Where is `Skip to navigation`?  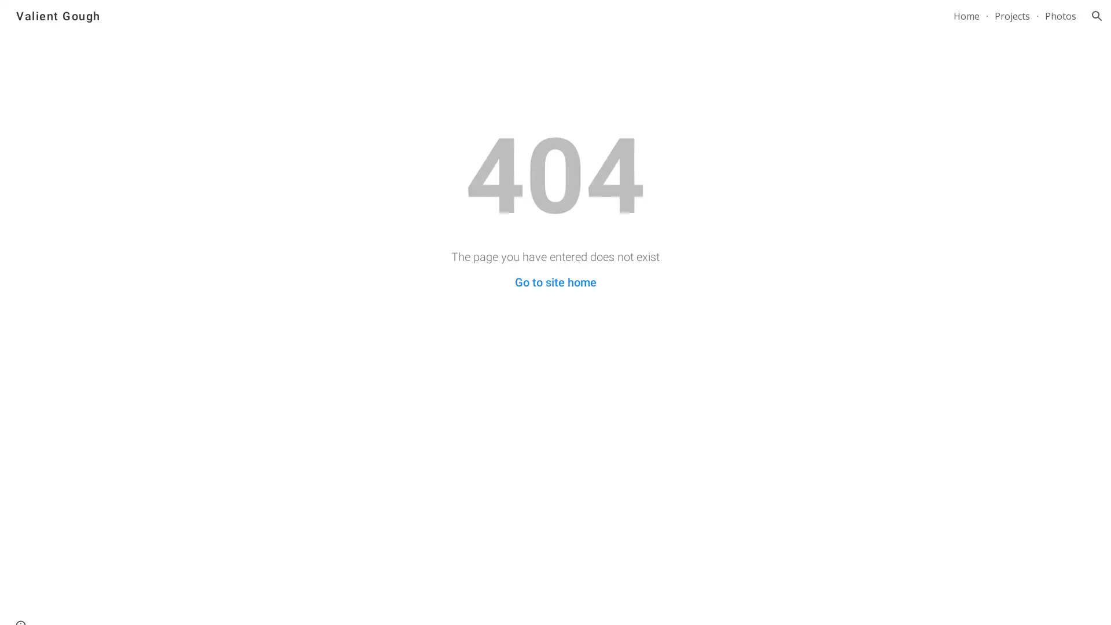 Skip to navigation is located at coordinates (659, 21).